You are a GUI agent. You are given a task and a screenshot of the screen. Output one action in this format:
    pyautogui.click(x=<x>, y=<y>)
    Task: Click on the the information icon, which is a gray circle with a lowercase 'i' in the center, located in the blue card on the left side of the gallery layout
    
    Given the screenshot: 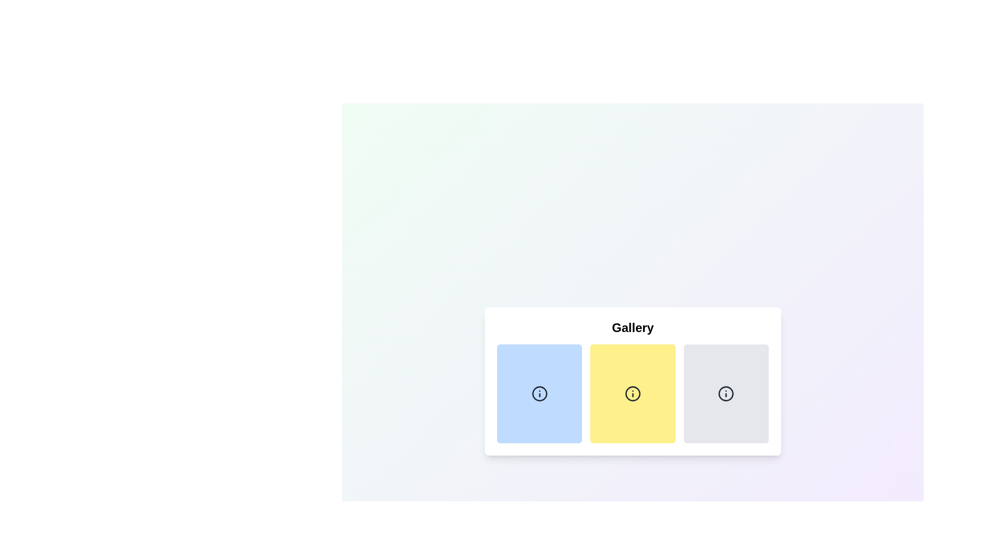 What is the action you would take?
    pyautogui.click(x=539, y=393)
    